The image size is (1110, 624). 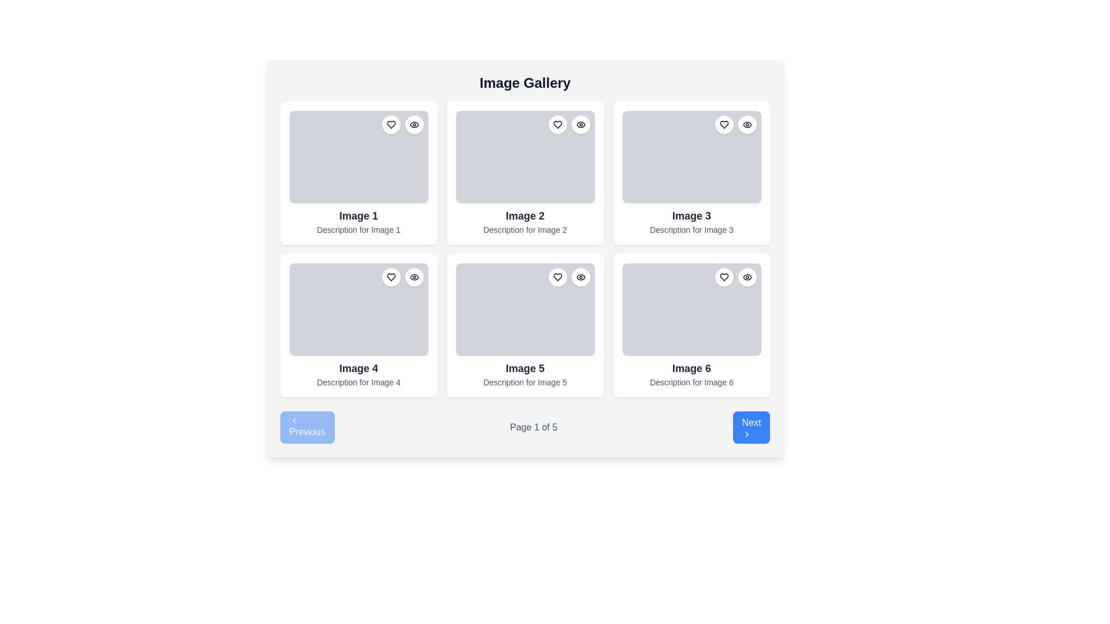 I want to click on the heart icon button located at the upper-right corner of the sixth image in the image gallery to like or unlike the image, so click(x=723, y=277).